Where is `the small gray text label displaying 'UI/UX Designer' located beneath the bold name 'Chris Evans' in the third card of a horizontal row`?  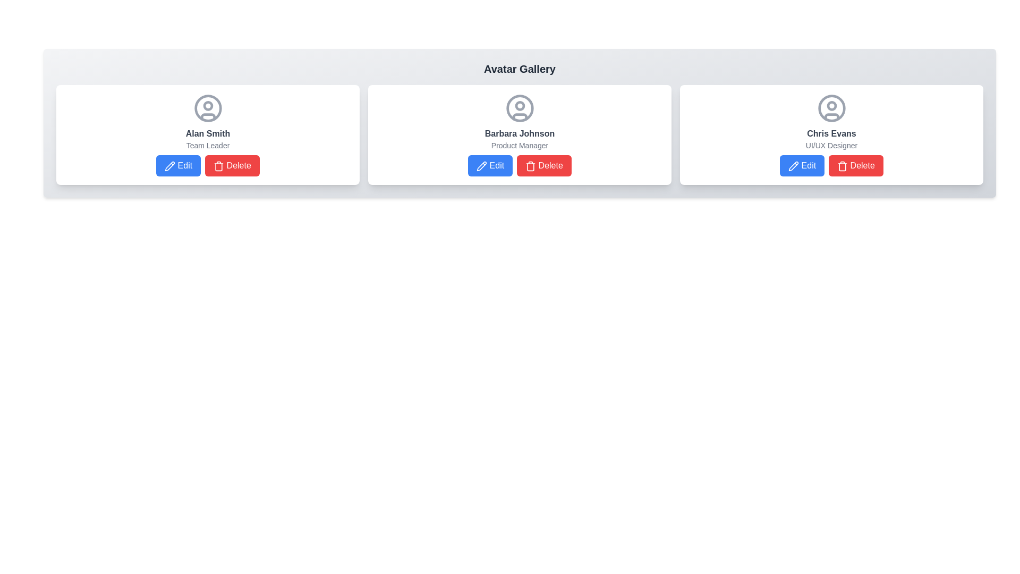 the small gray text label displaying 'UI/UX Designer' located beneath the bold name 'Chris Evans' in the third card of a horizontal row is located at coordinates (831, 145).